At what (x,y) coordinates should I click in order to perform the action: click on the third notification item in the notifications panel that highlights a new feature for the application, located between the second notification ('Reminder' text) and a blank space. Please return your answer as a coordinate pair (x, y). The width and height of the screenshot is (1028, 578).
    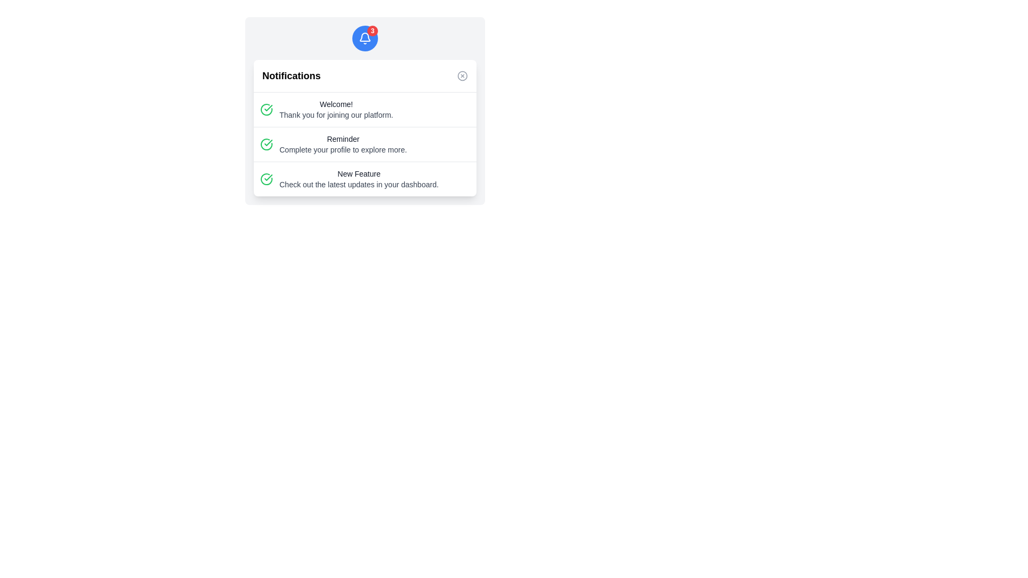
    Looking at the image, I should click on (359, 179).